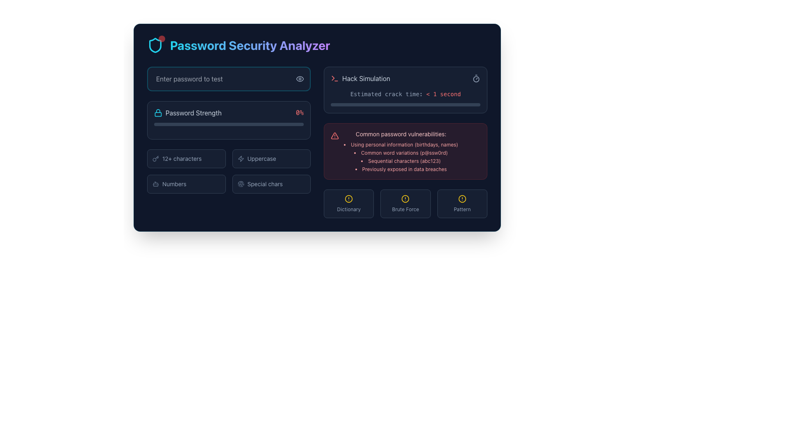  I want to click on the terminal icon located to the left of the 'Hack Simulation' text, so click(334, 79).